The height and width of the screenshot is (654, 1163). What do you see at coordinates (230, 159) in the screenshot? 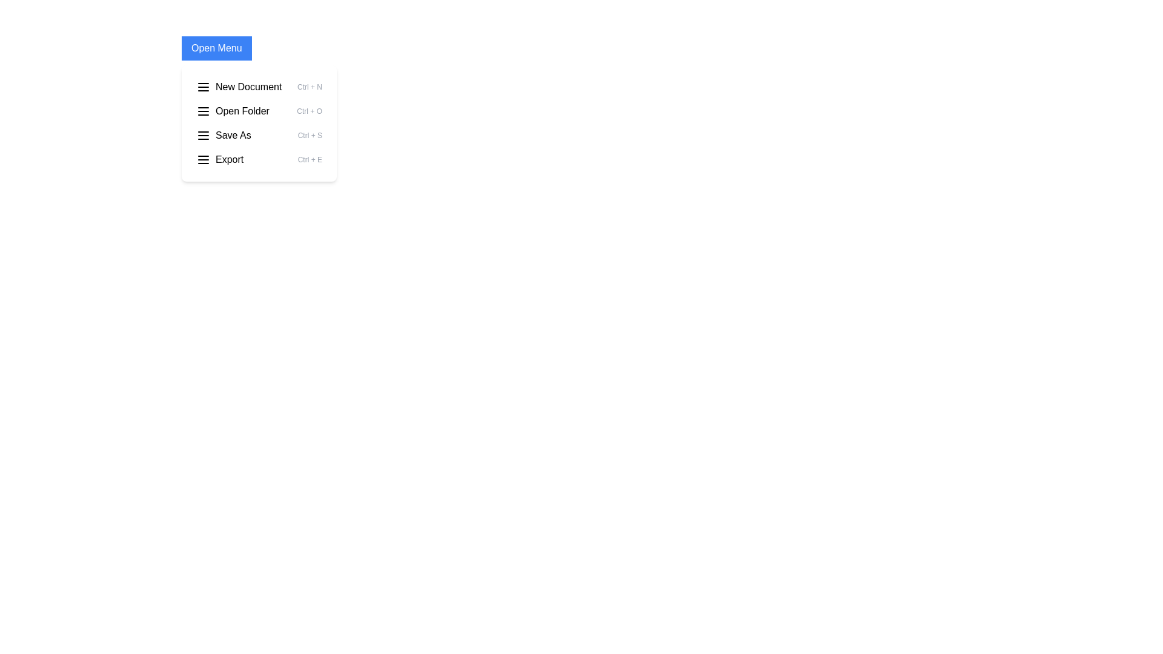
I see `the 'Export' text label in the dropdown menu` at bounding box center [230, 159].